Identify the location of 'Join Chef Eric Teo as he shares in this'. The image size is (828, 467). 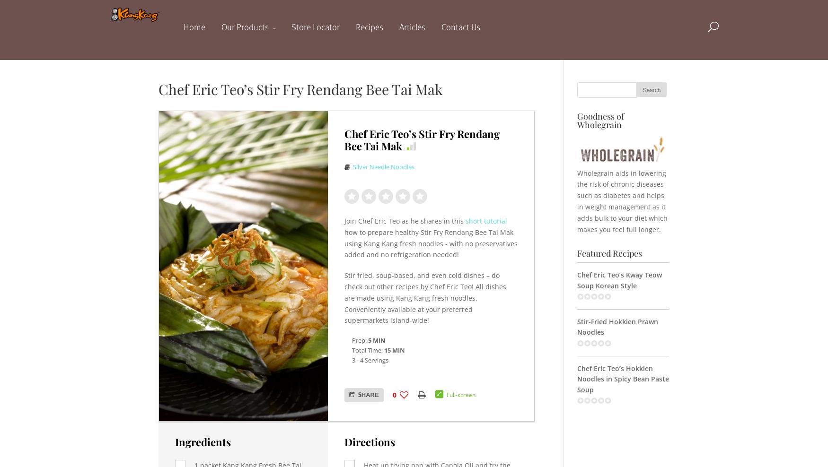
(405, 221).